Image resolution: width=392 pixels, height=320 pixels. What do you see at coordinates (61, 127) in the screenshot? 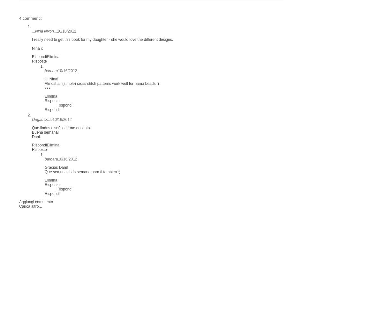
I see `'Que lindos diseños!!!! me encanto.'` at bounding box center [61, 127].